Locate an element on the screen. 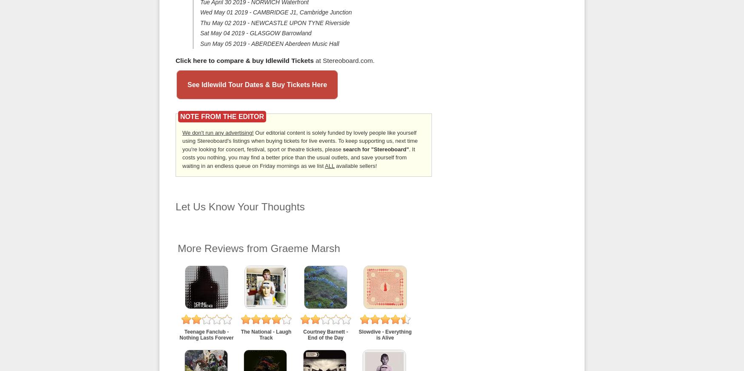 This screenshot has width=744, height=371. 'Wed May 01 2019 - CAMBRIDGE J1, Cambridge Junction' is located at coordinates (275, 11).